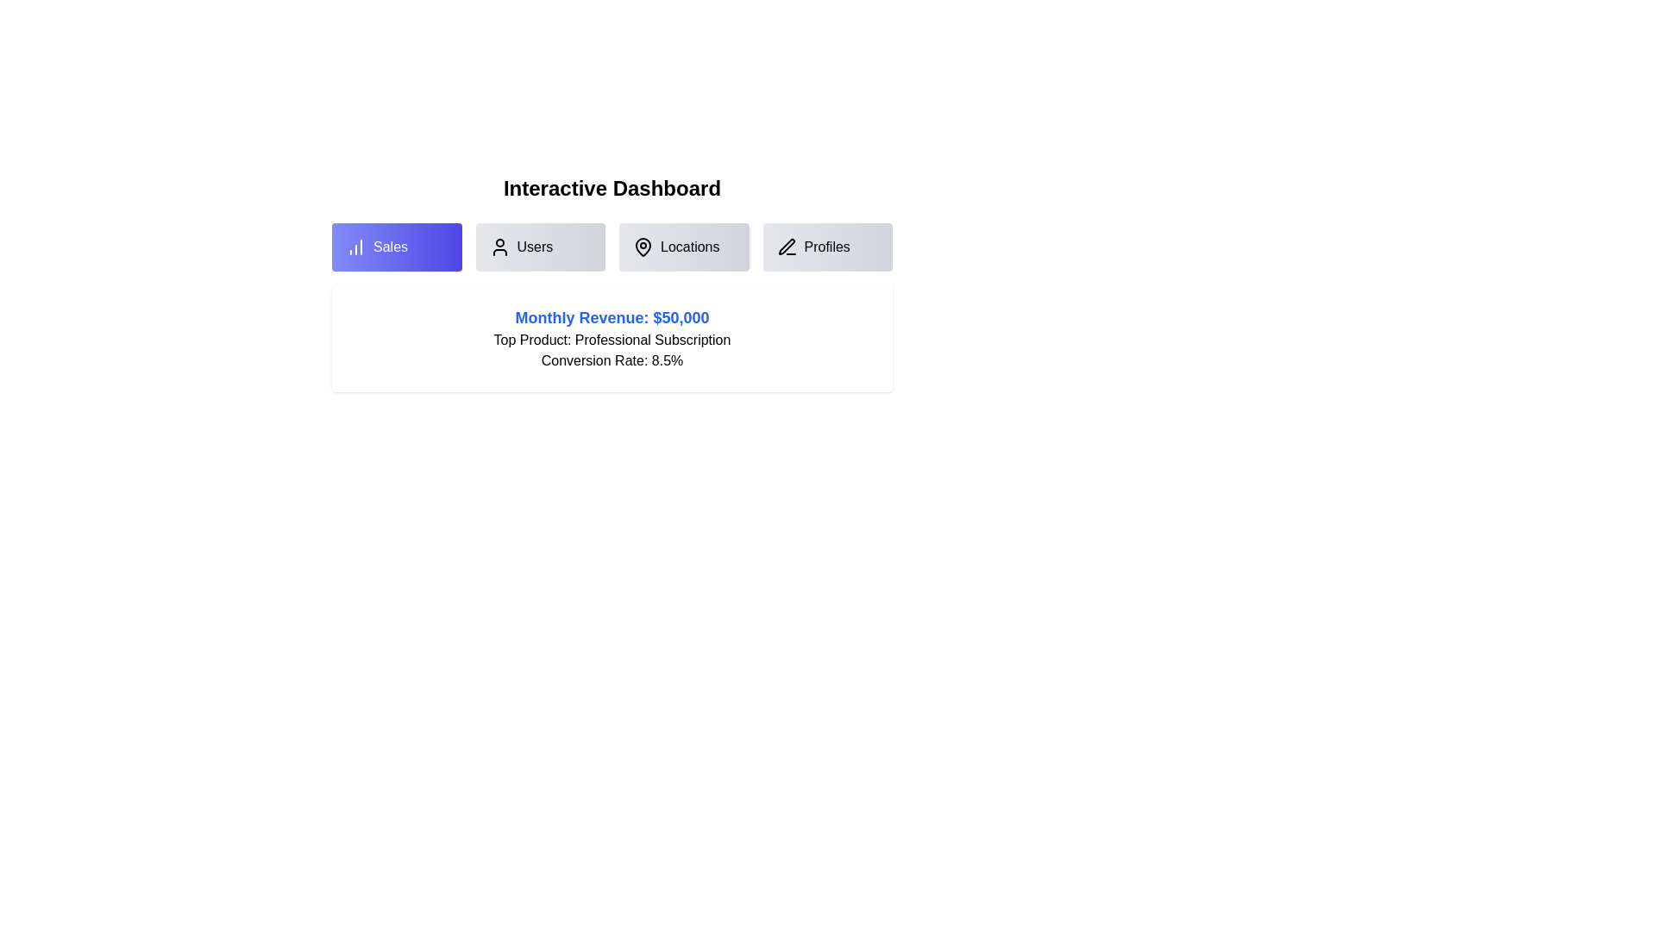 This screenshot has height=931, width=1656. Describe the element at coordinates (612, 318) in the screenshot. I see `information displayed in the prominent text label that states 'Monthly Revenue: $50,000', which is styled in blue with a larger bold font, located in the lower section of the dashboard` at that location.